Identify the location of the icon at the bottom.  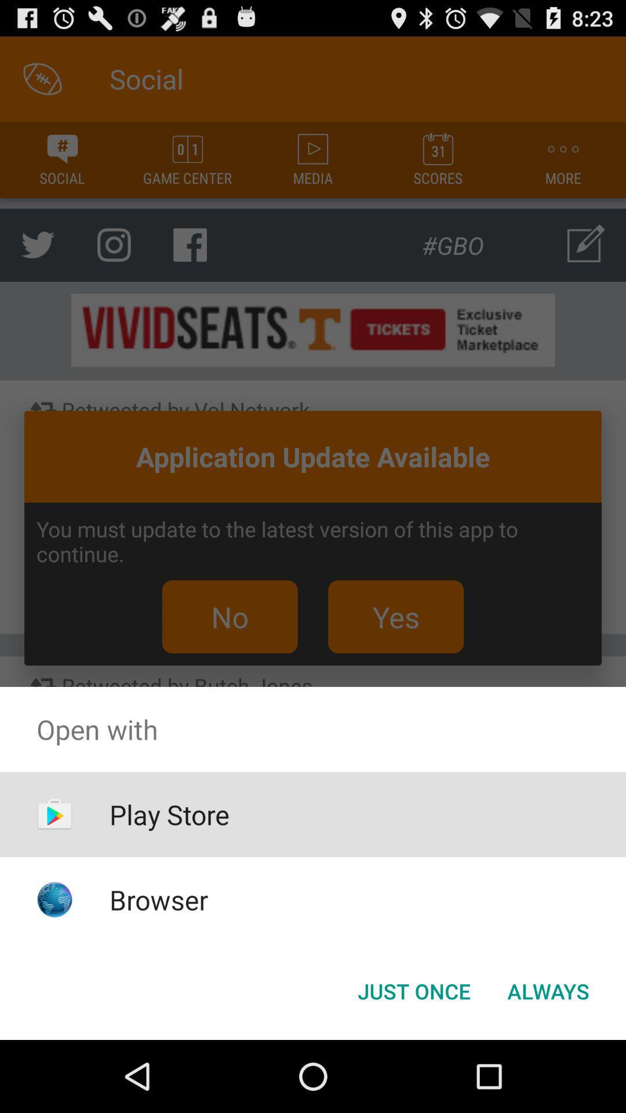
(413, 990).